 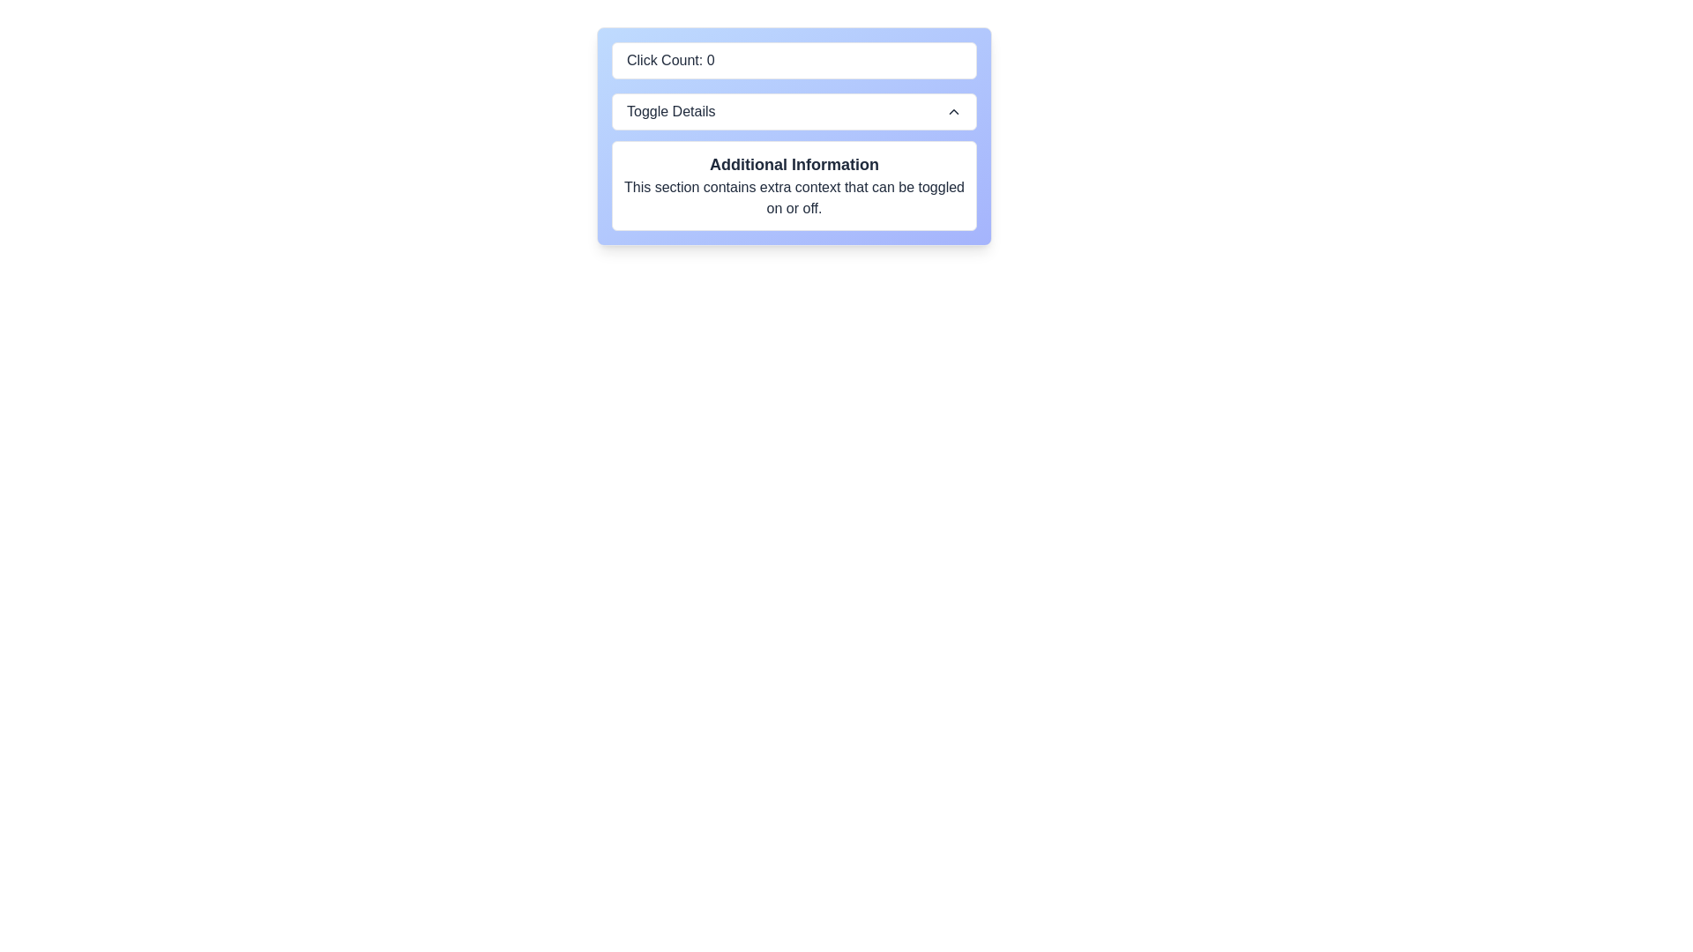 I want to click on the 'Toggle Details' button, which is a rectangular button with a white background and a blue-gray border, located below the 'Click Count: 0' button and above the 'Additional Information' section, so click(x=794, y=112).